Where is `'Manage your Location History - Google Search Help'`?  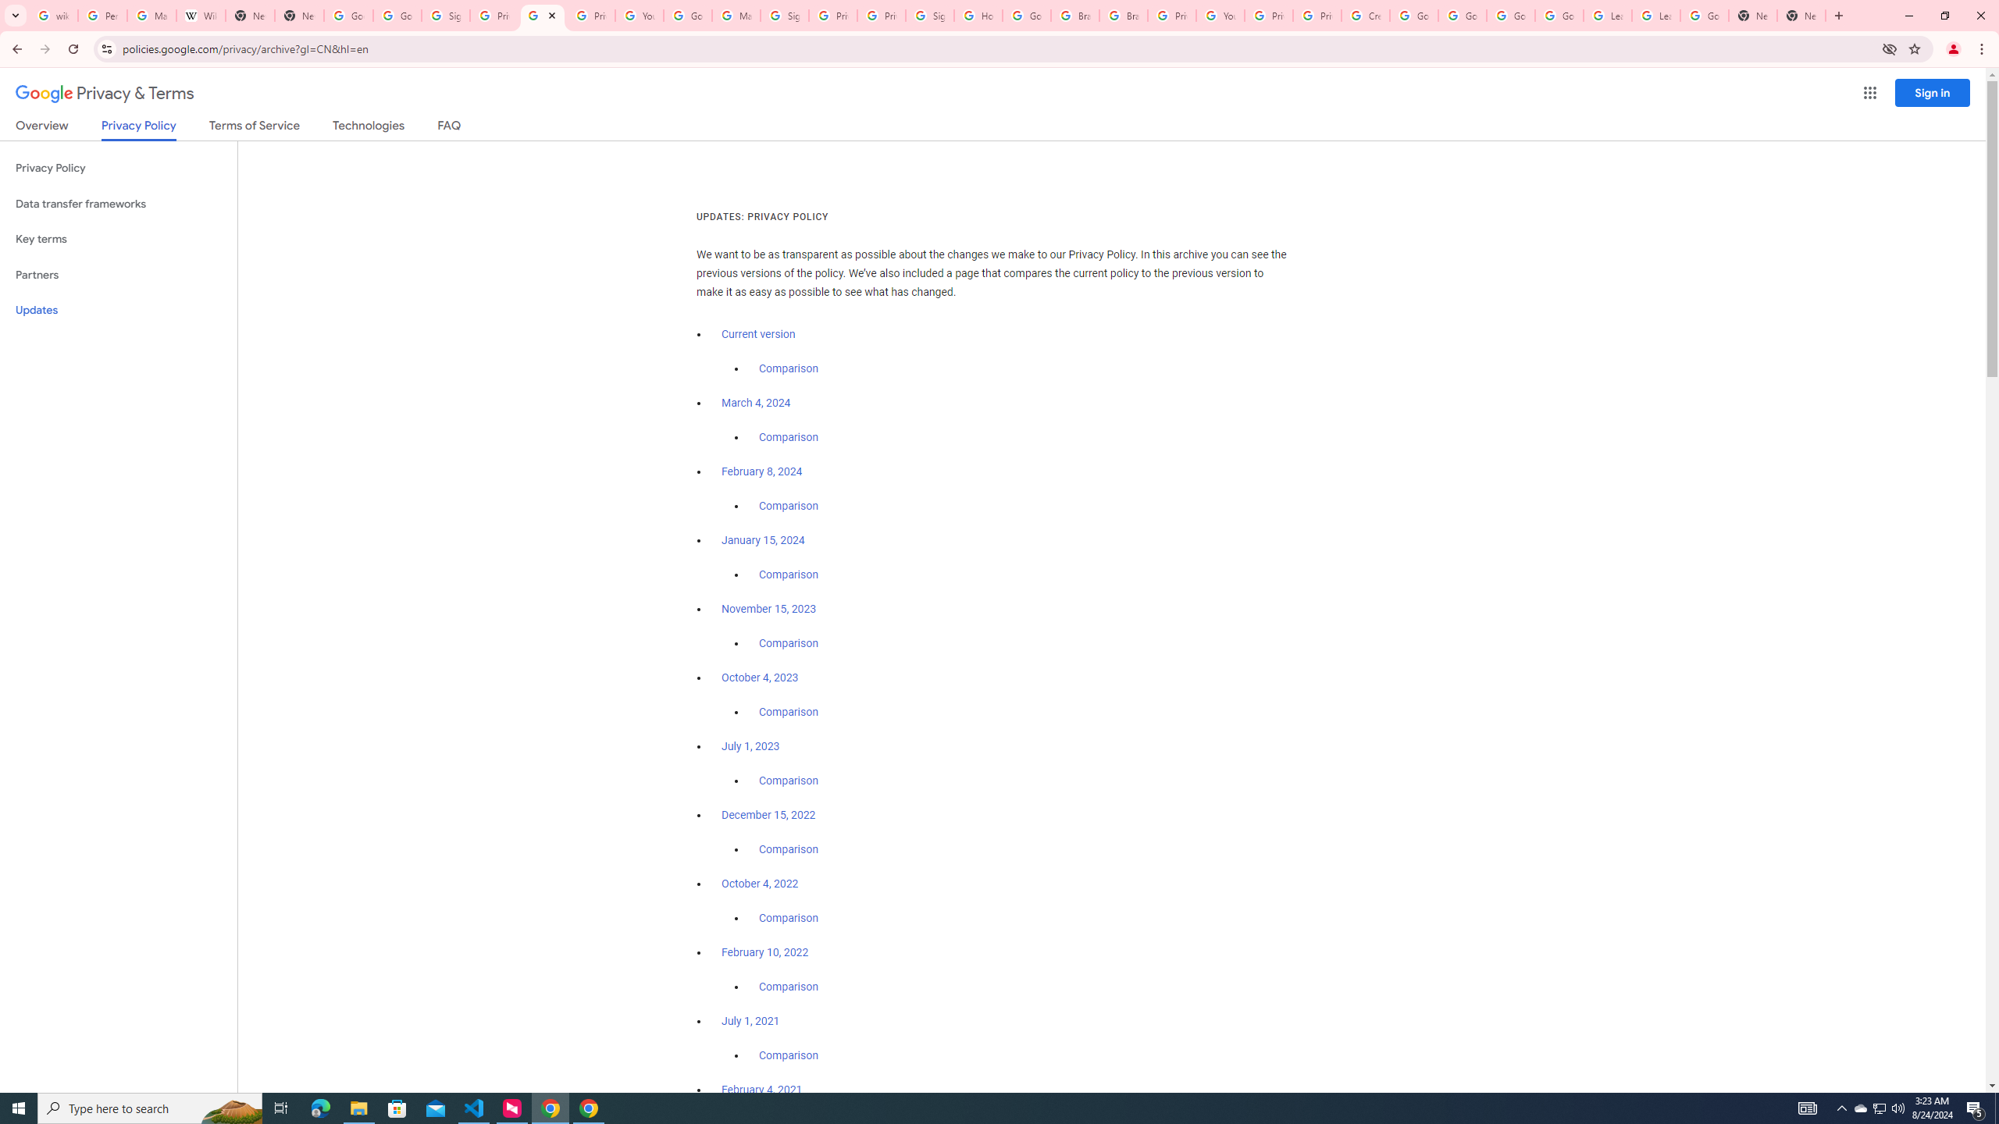 'Manage your Location History - Google Search Help' is located at coordinates (151, 15).